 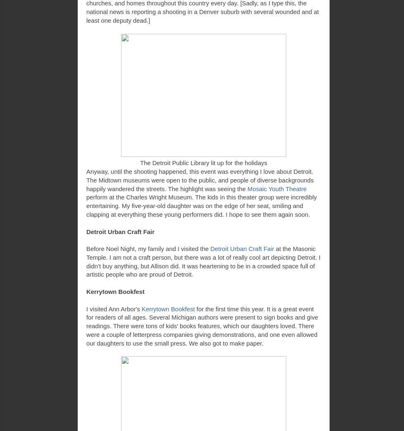 What do you see at coordinates (202, 325) in the screenshot?
I see `'for the first time this year. It is a great event for readers of all ages. Several Michigan authors were present to sign books and give readings. There were tons of kids' books features, which our daughters loved. There were a couple of letterpress companies giving demonstrations, and one even allowed our daughters to use the small press. We also got to make paper.'` at bounding box center [202, 325].